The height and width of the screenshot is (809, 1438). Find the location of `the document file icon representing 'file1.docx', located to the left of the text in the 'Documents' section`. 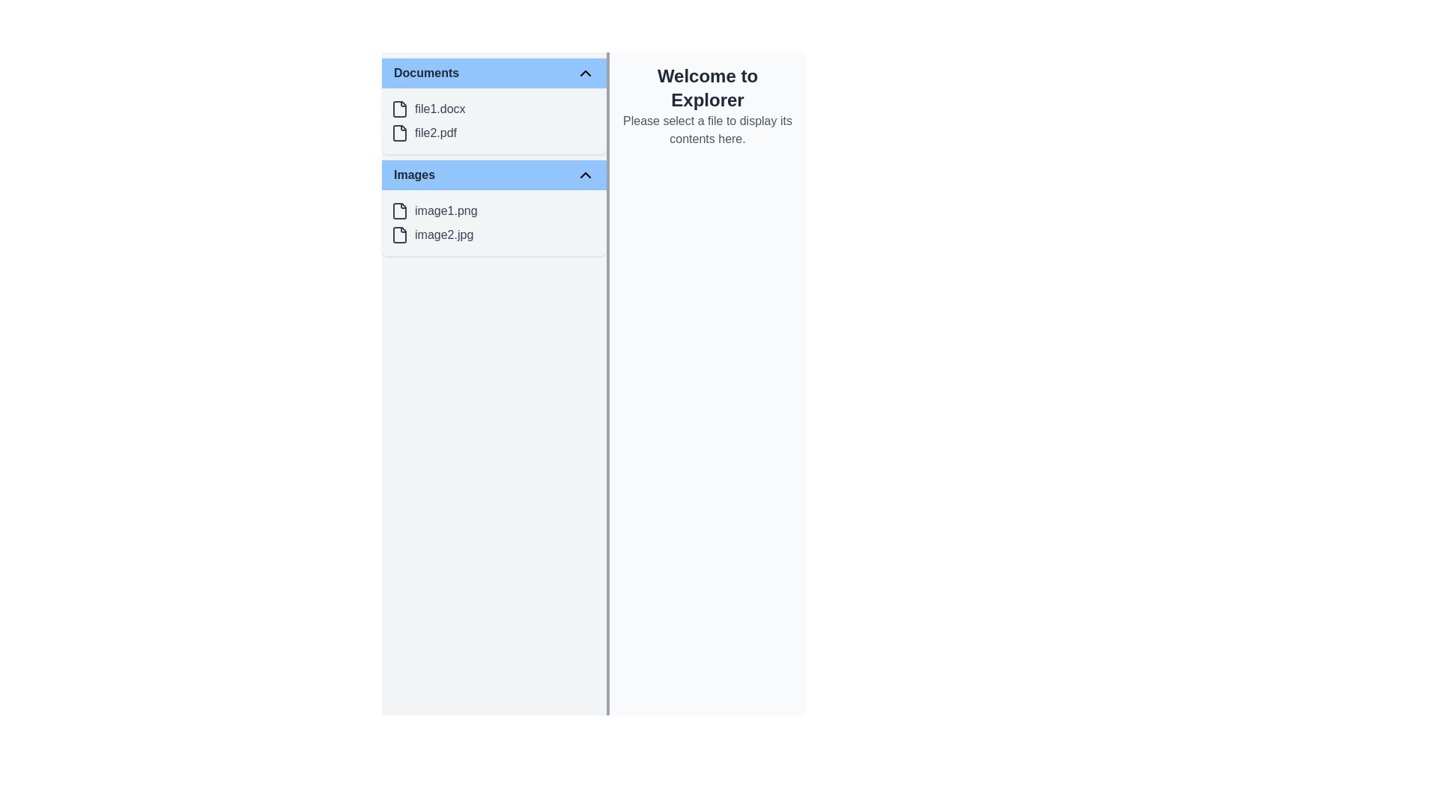

the document file icon representing 'file1.docx', located to the left of the text in the 'Documents' section is located at coordinates (399, 109).